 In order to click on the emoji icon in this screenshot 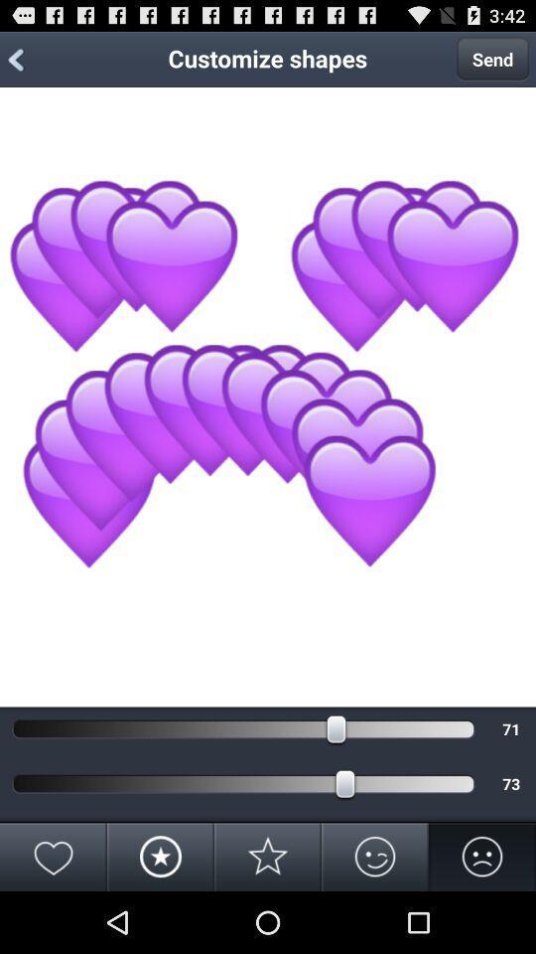, I will do `click(375, 916)`.